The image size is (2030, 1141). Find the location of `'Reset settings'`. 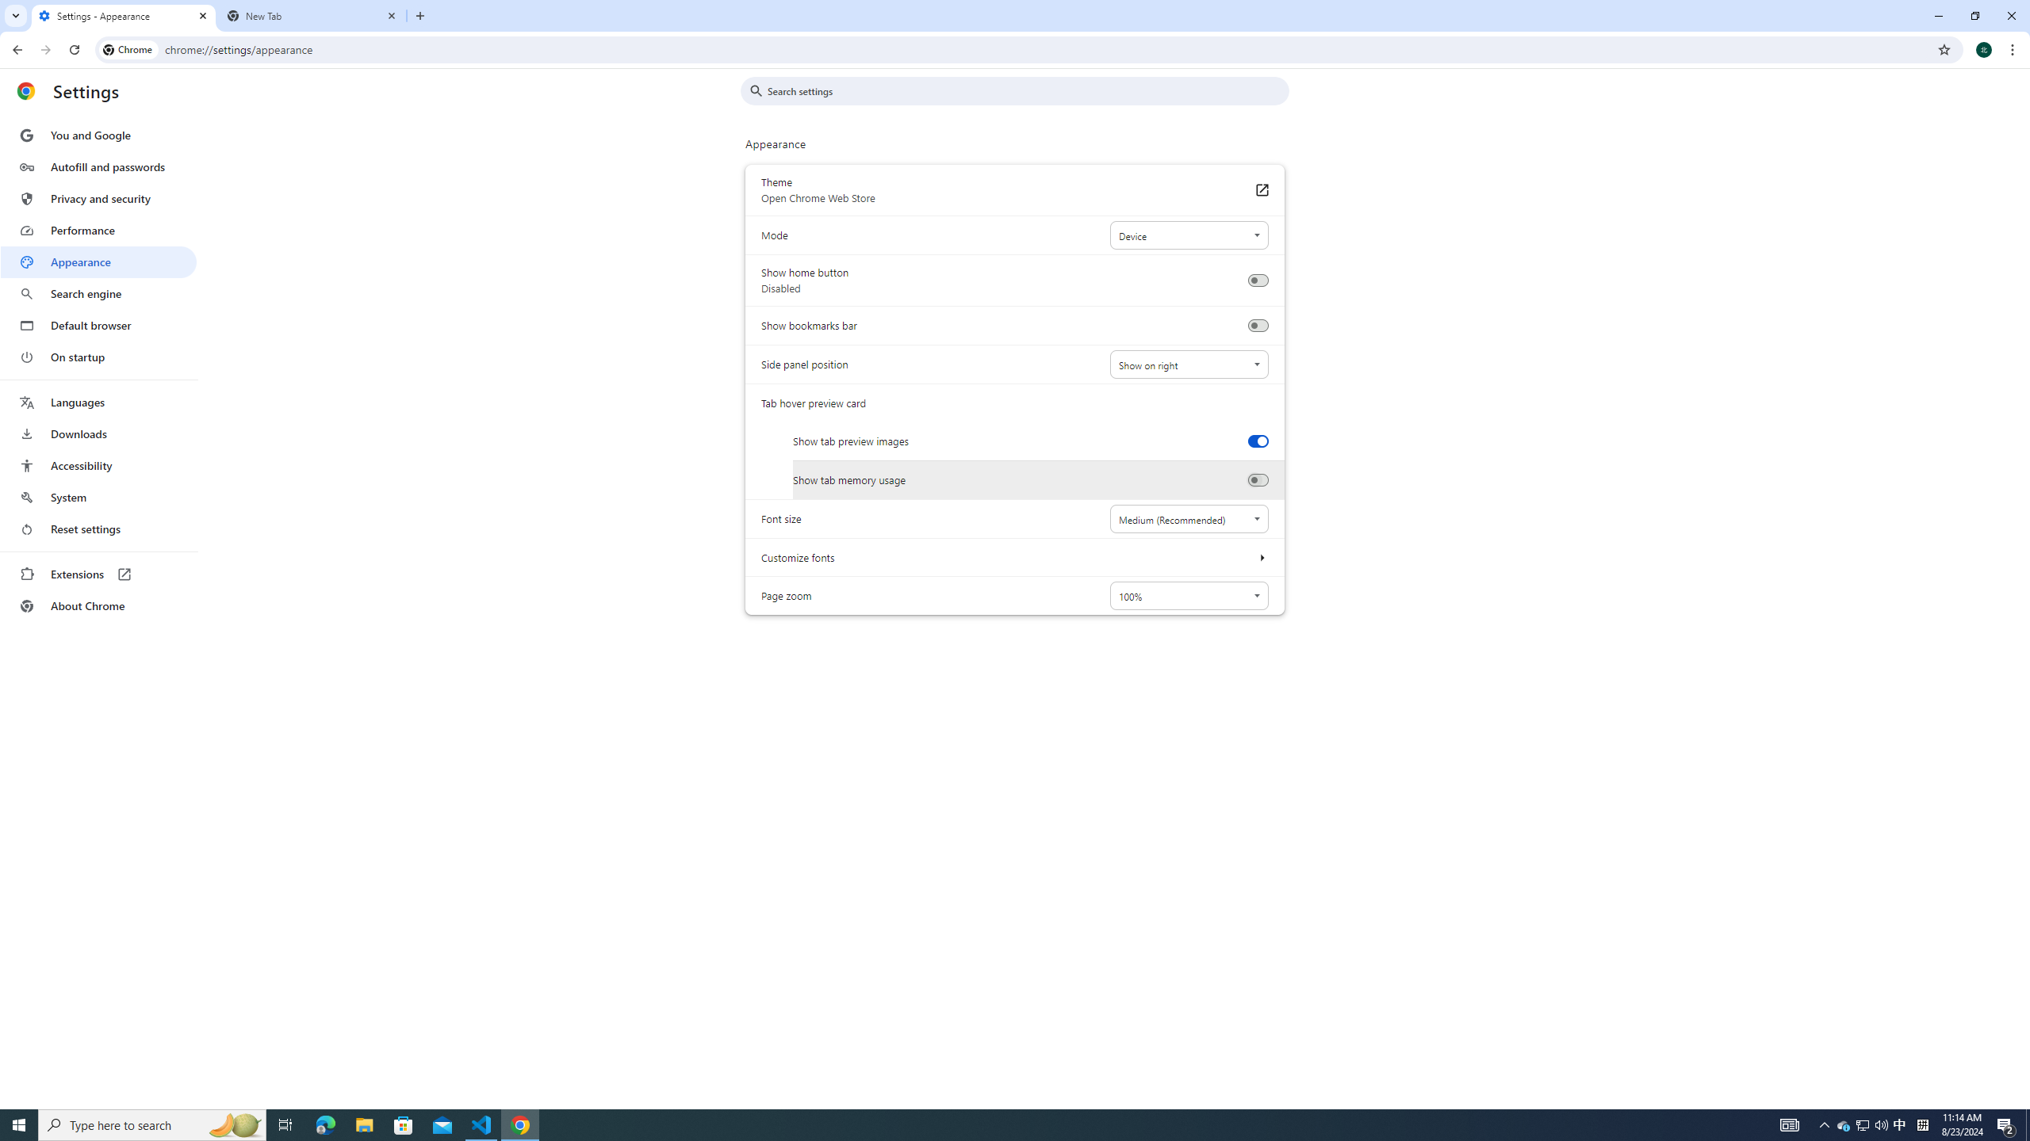

'Reset settings' is located at coordinates (98, 529).